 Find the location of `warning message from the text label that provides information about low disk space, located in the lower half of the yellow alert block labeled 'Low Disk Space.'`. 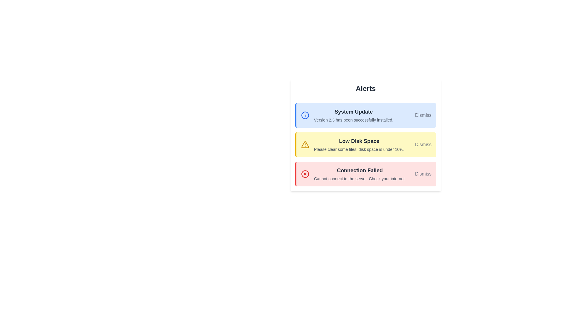

warning message from the text label that provides information about low disk space, located in the lower half of the yellow alert block labeled 'Low Disk Space.' is located at coordinates (359, 149).